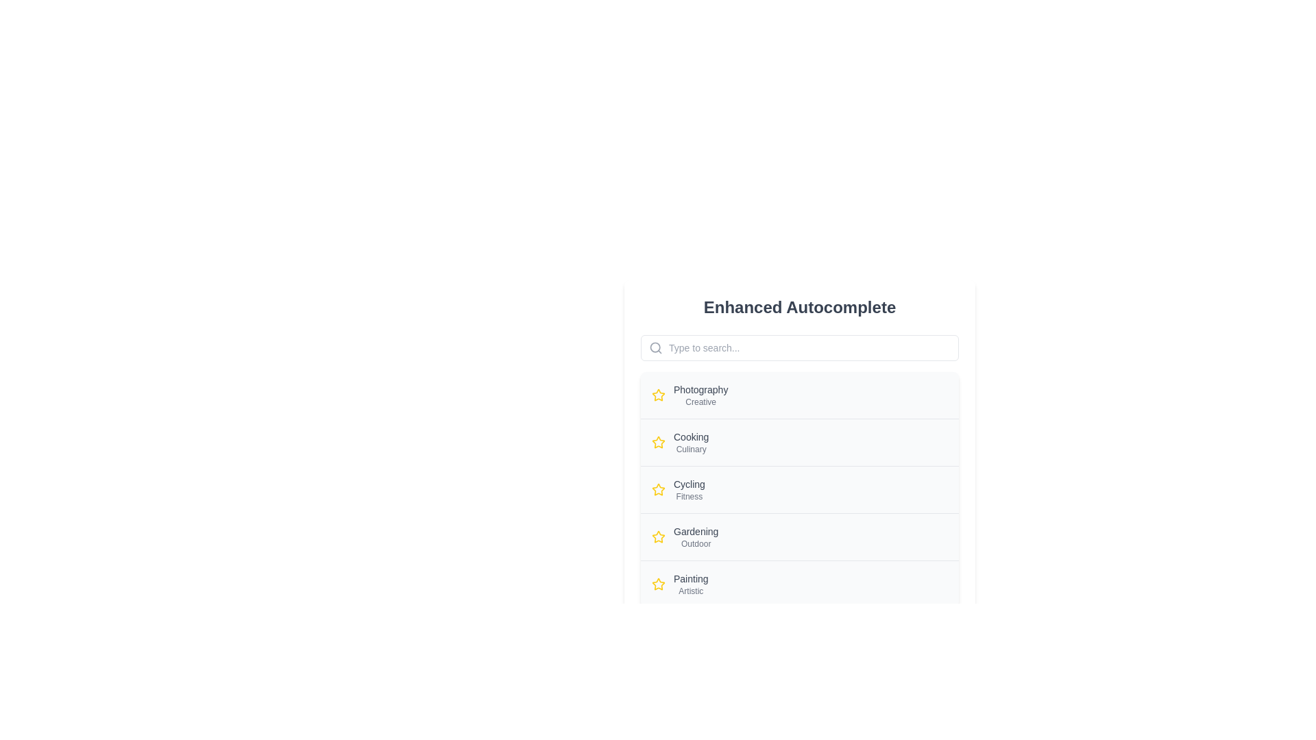  I want to click on the 'Photography' text label, which is styled with a smaller font size and medium weight in gray color, located above the 'Creative' text element and adjacent to a star icon, so click(700, 390).